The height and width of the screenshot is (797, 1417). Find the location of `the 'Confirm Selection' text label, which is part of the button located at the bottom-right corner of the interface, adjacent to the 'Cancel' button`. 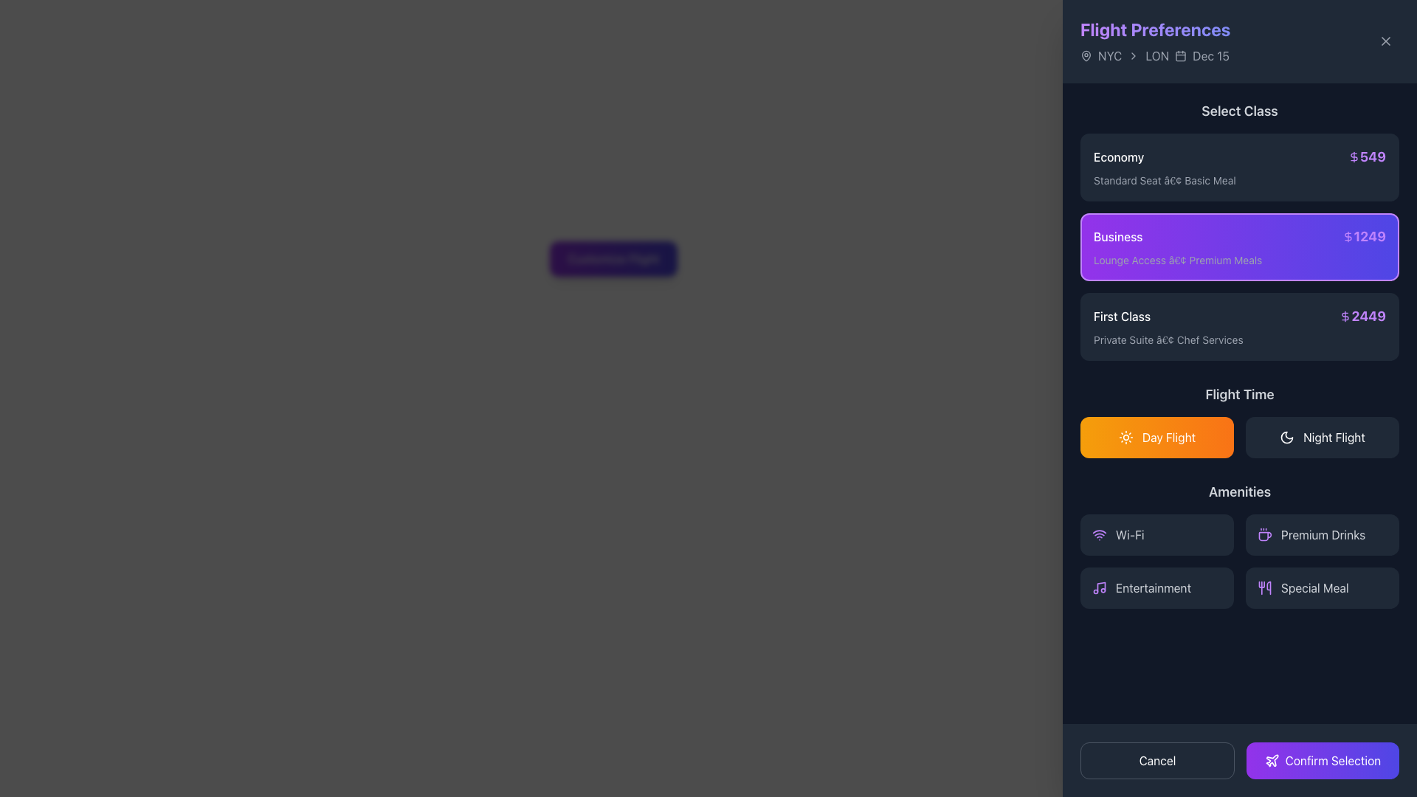

the 'Confirm Selection' text label, which is part of the button located at the bottom-right corner of the interface, adjacent to the 'Cancel' button is located at coordinates (1333, 760).